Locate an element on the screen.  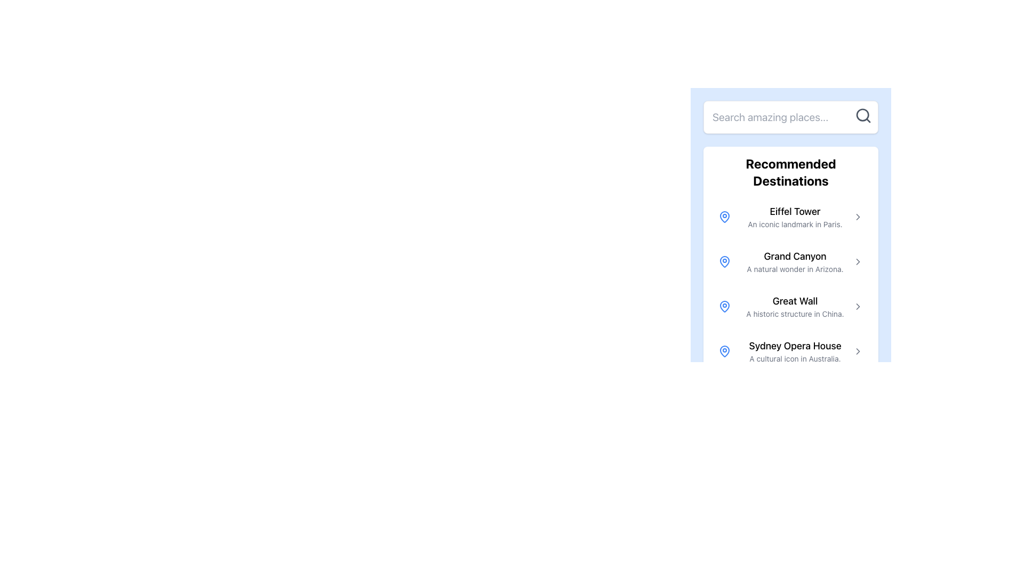
the text-based list item displaying 'Sydney Opera House', which is styled with a bold font and is the fourth item in the 'Recommended Destinations' section is located at coordinates (795, 351).